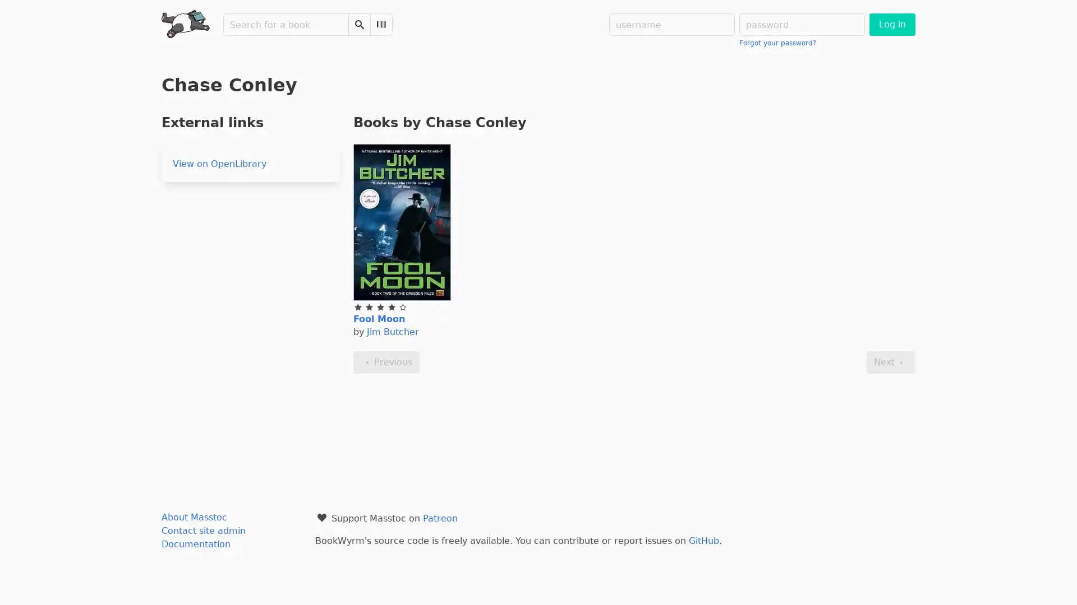 The image size is (1077, 605). What do you see at coordinates (891, 24) in the screenshot?
I see `Log in` at bounding box center [891, 24].